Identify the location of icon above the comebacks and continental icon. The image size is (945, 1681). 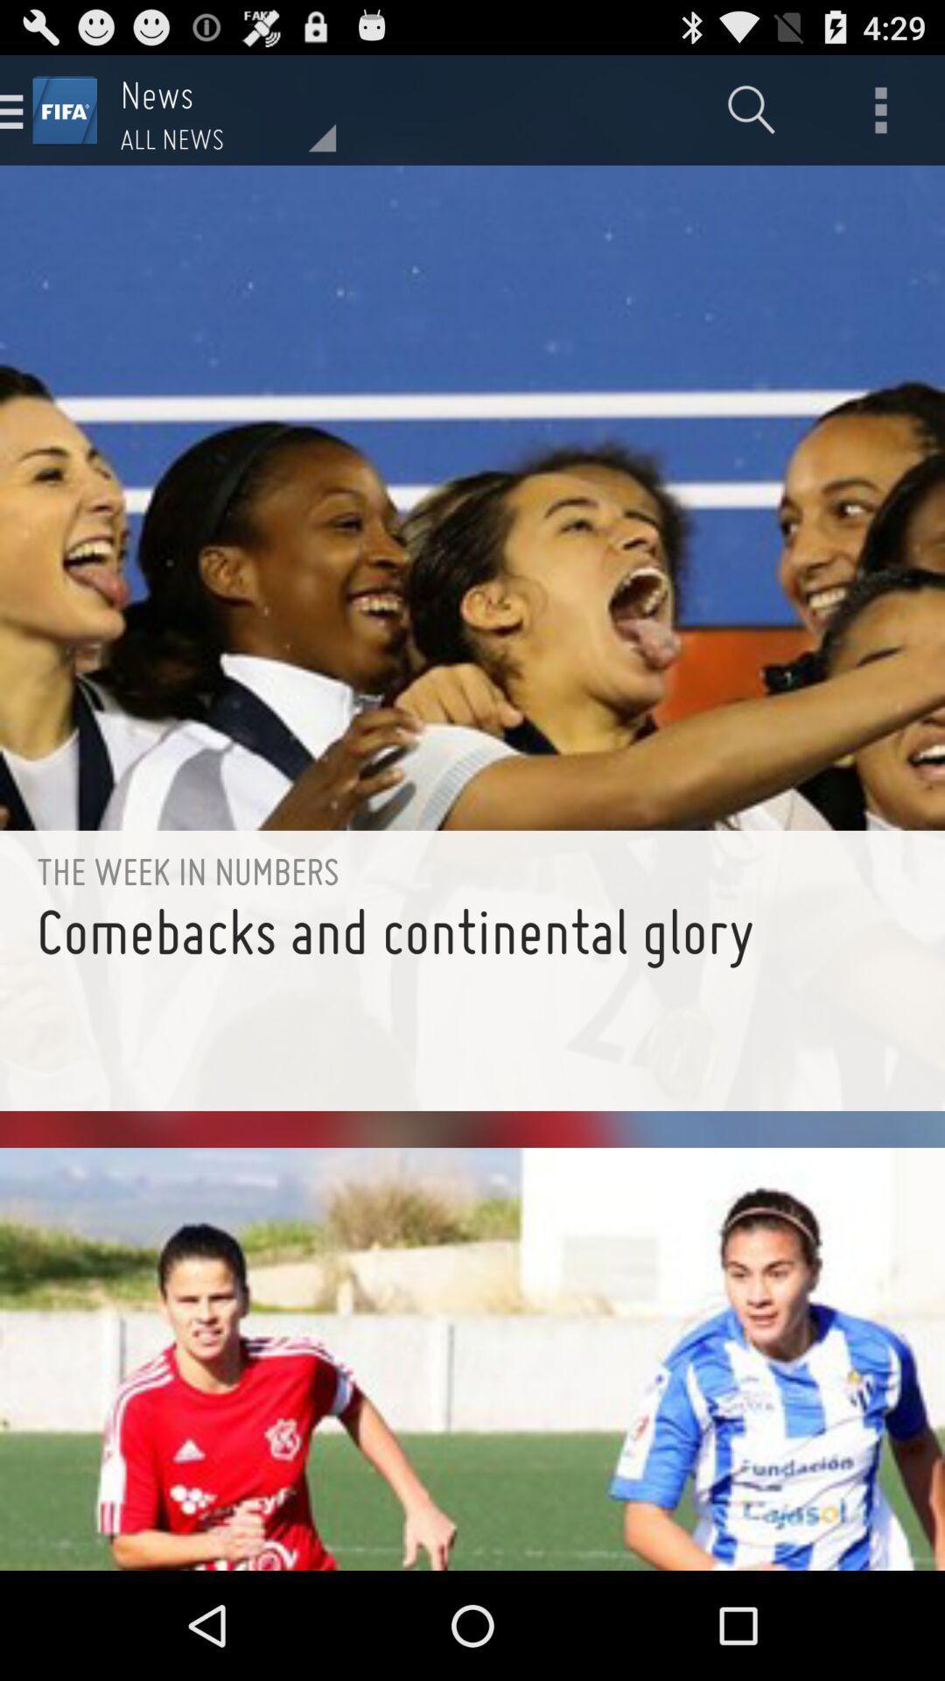
(472, 871).